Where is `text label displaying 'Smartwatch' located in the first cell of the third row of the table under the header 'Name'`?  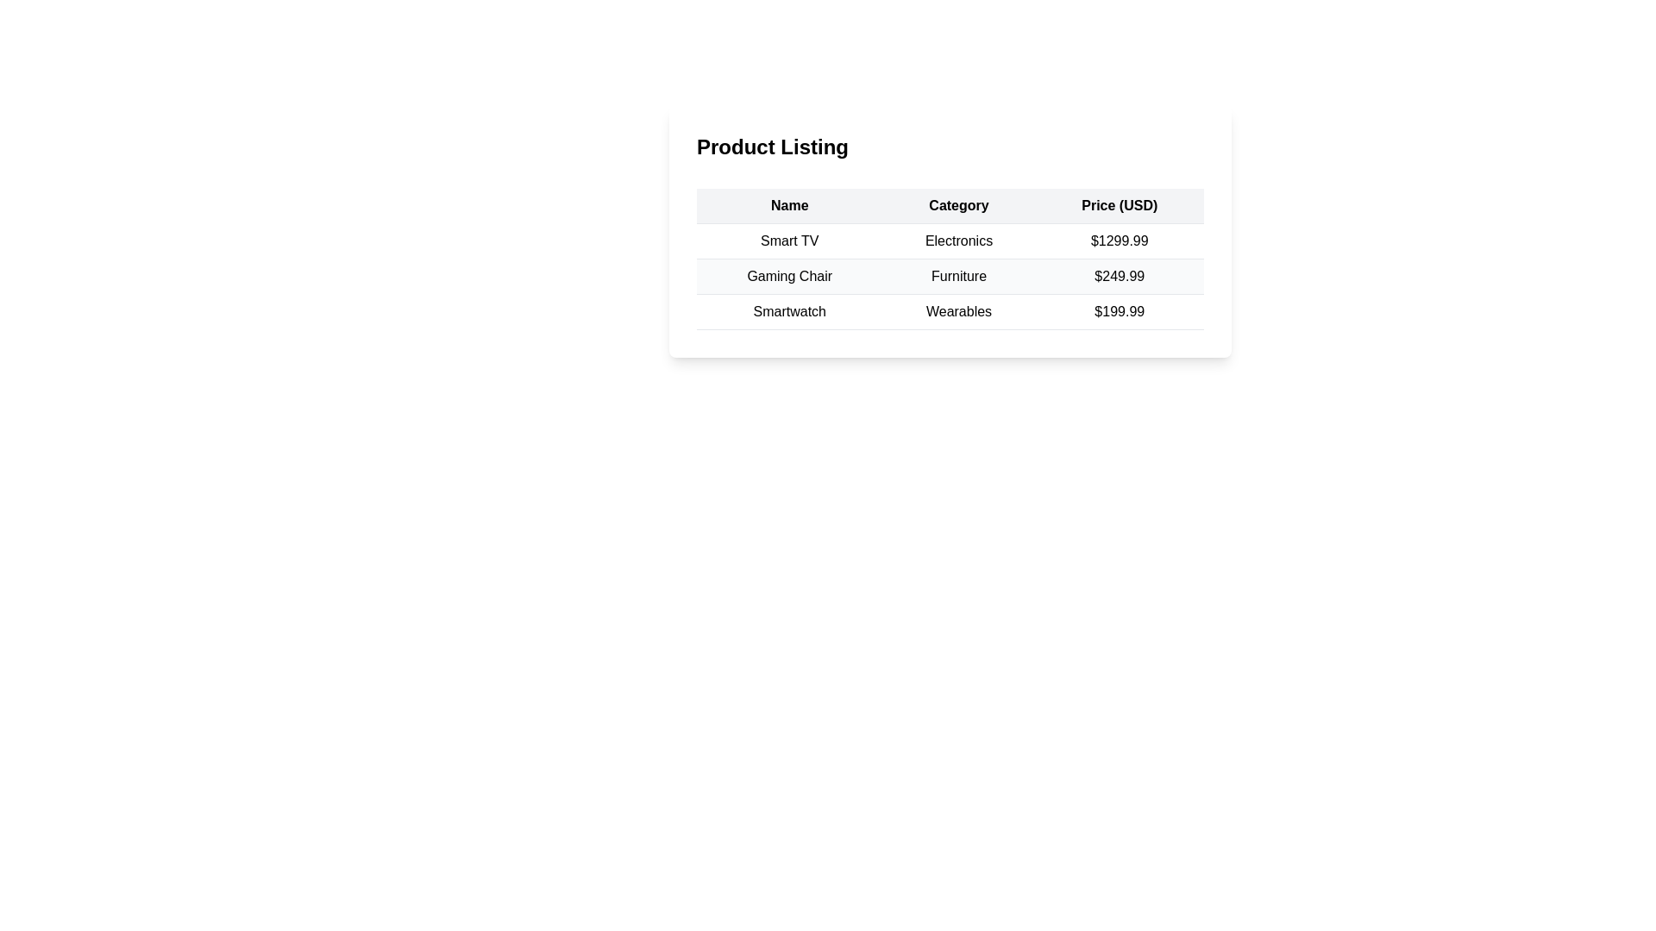 text label displaying 'Smartwatch' located in the first cell of the third row of the table under the header 'Name' is located at coordinates (788, 312).